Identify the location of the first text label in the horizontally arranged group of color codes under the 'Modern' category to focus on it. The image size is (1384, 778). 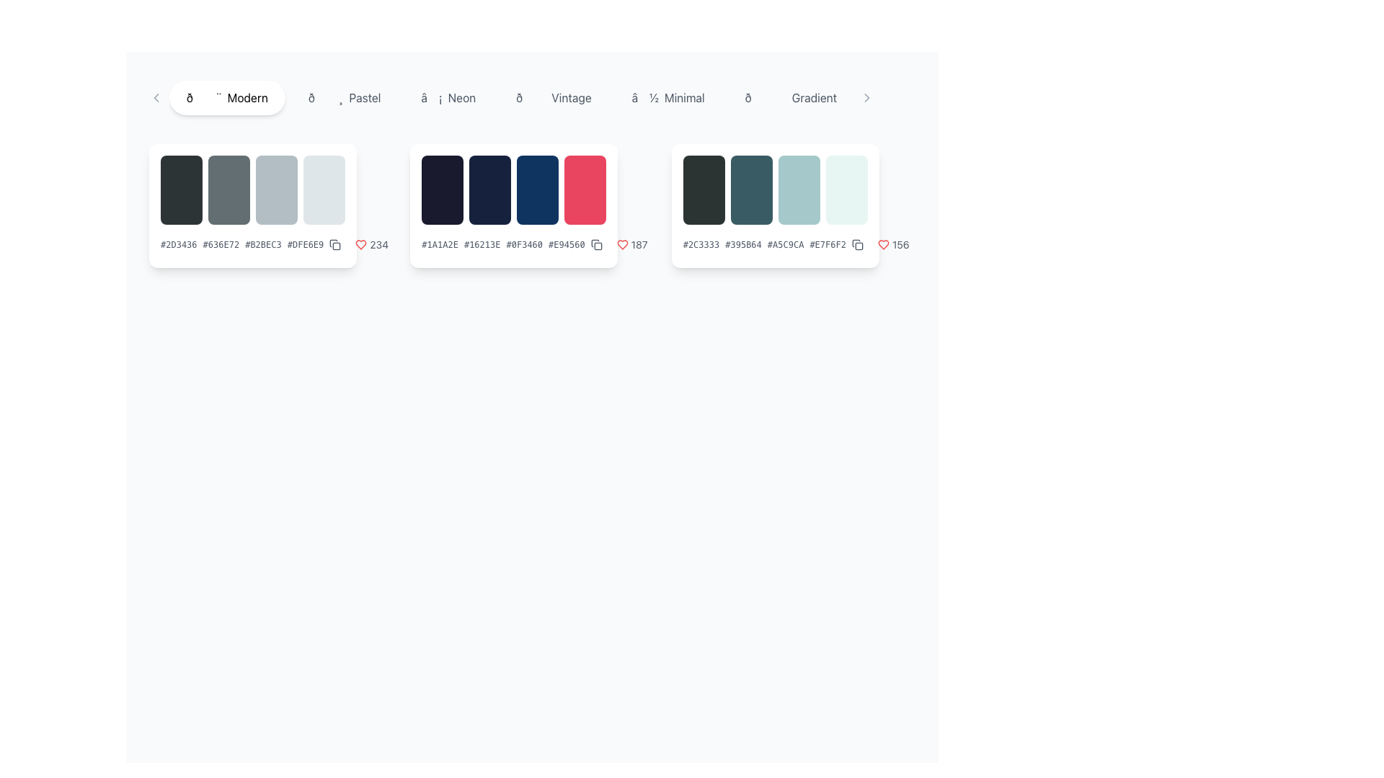
(178, 243).